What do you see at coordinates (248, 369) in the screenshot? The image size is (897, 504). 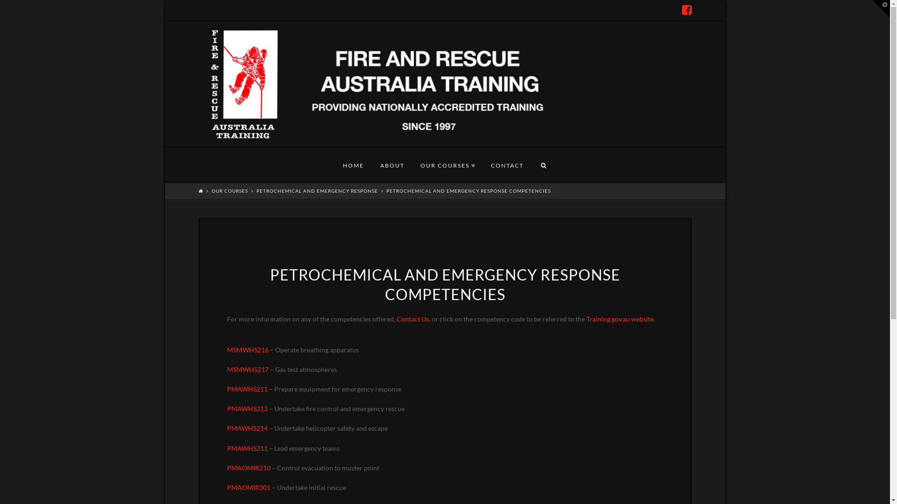 I see `'MSMWHS217'` at bounding box center [248, 369].